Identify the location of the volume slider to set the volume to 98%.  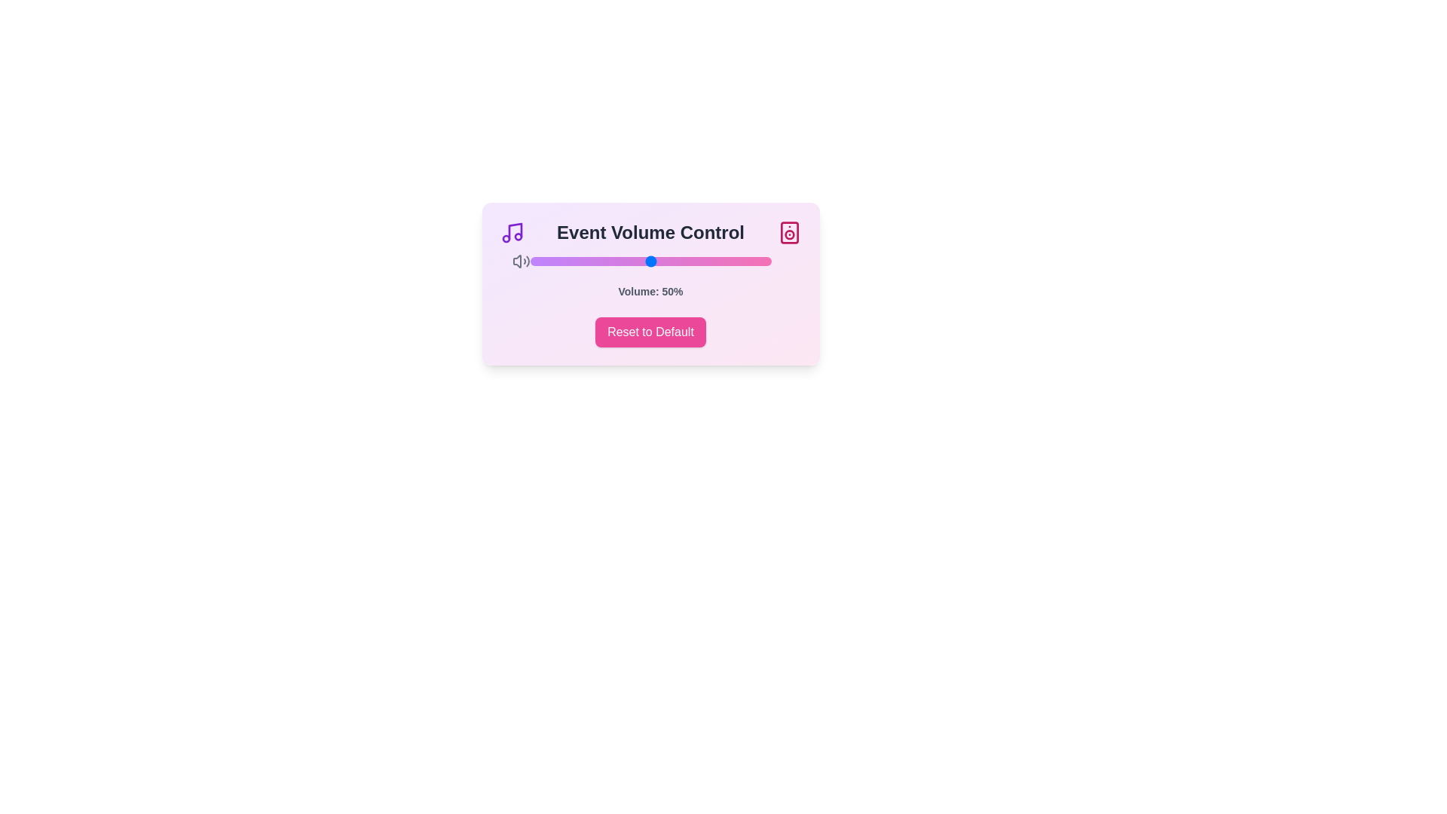
(766, 261).